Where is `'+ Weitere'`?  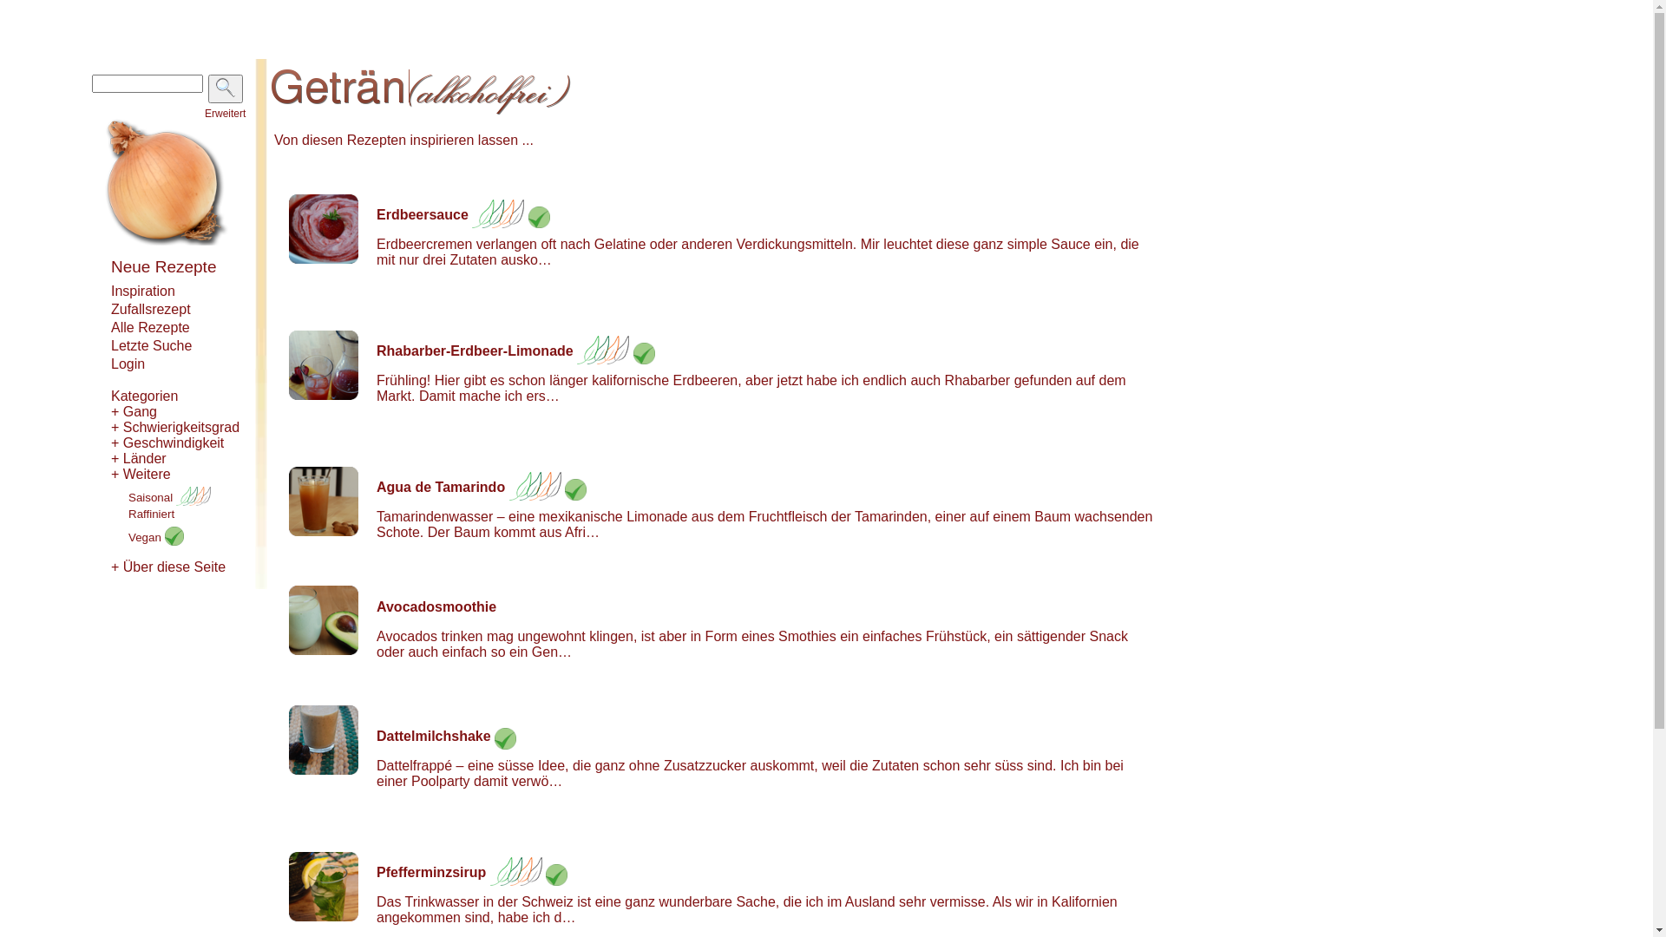 '+ Weitere' is located at coordinates (141, 474).